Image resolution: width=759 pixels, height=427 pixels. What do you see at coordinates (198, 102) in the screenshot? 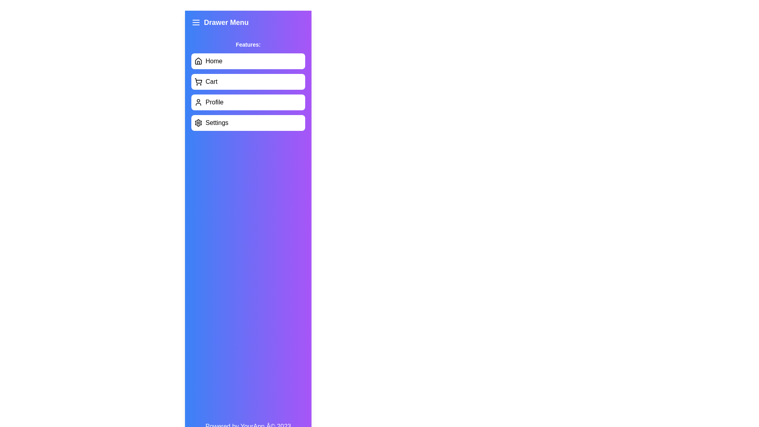
I see `the 'Profile' icon located to the left of the 'Profile' text in the user interface` at bounding box center [198, 102].